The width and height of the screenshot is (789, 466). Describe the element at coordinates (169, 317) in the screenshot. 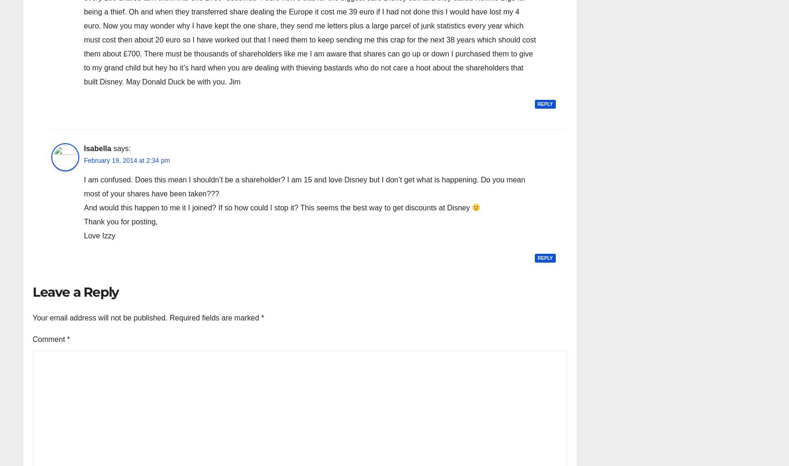

I see `'Required fields are marked'` at that location.